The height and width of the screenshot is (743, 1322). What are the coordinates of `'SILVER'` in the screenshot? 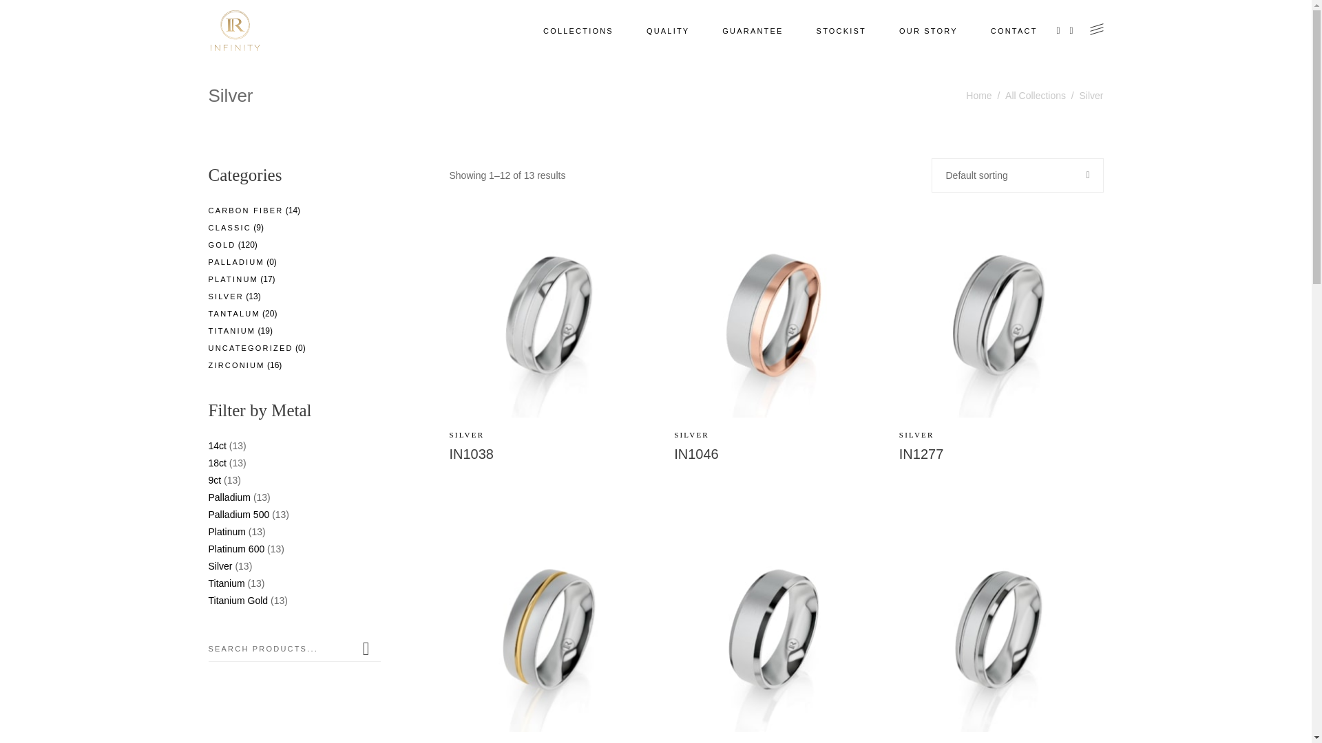 It's located at (466, 435).